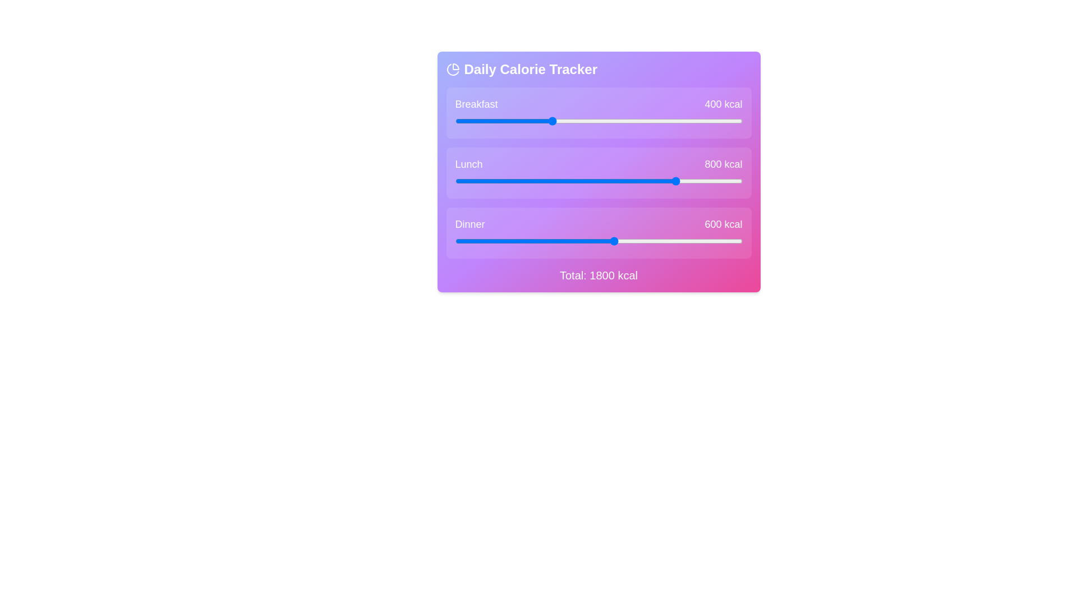 The width and height of the screenshot is (1077, 606). Describe the element at coordinates (549, 121) in the screenshot. I see `the calorie value for breakfast` at that location.